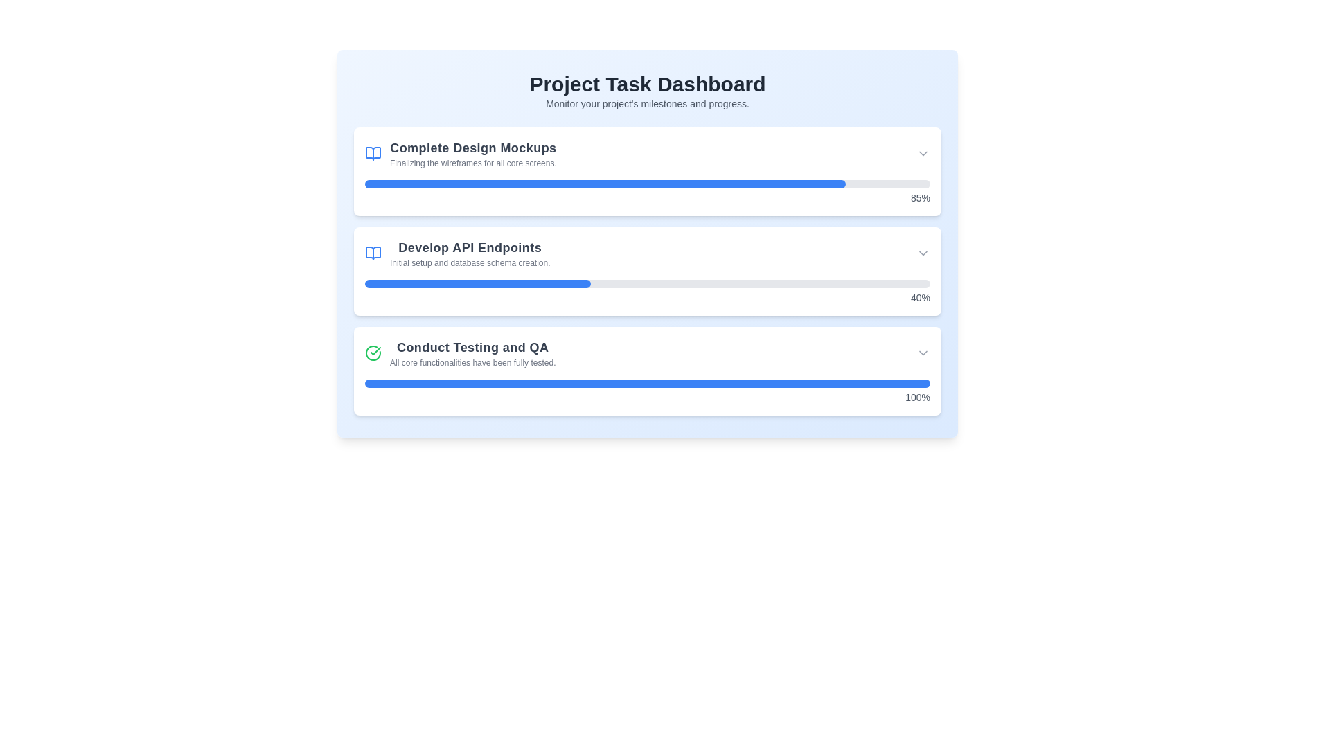 The height and width of the screenshot is (748, 1330). What do you see at coordinates (647, 384) in the screenshot?
I see `the progress bar located in the lower part of the dashboard under the 'Conduct Testing and QA' section, which is fully filled and spans horizontally across the entire width, positioned above the '100%' label` at bounding box center [647, 384].